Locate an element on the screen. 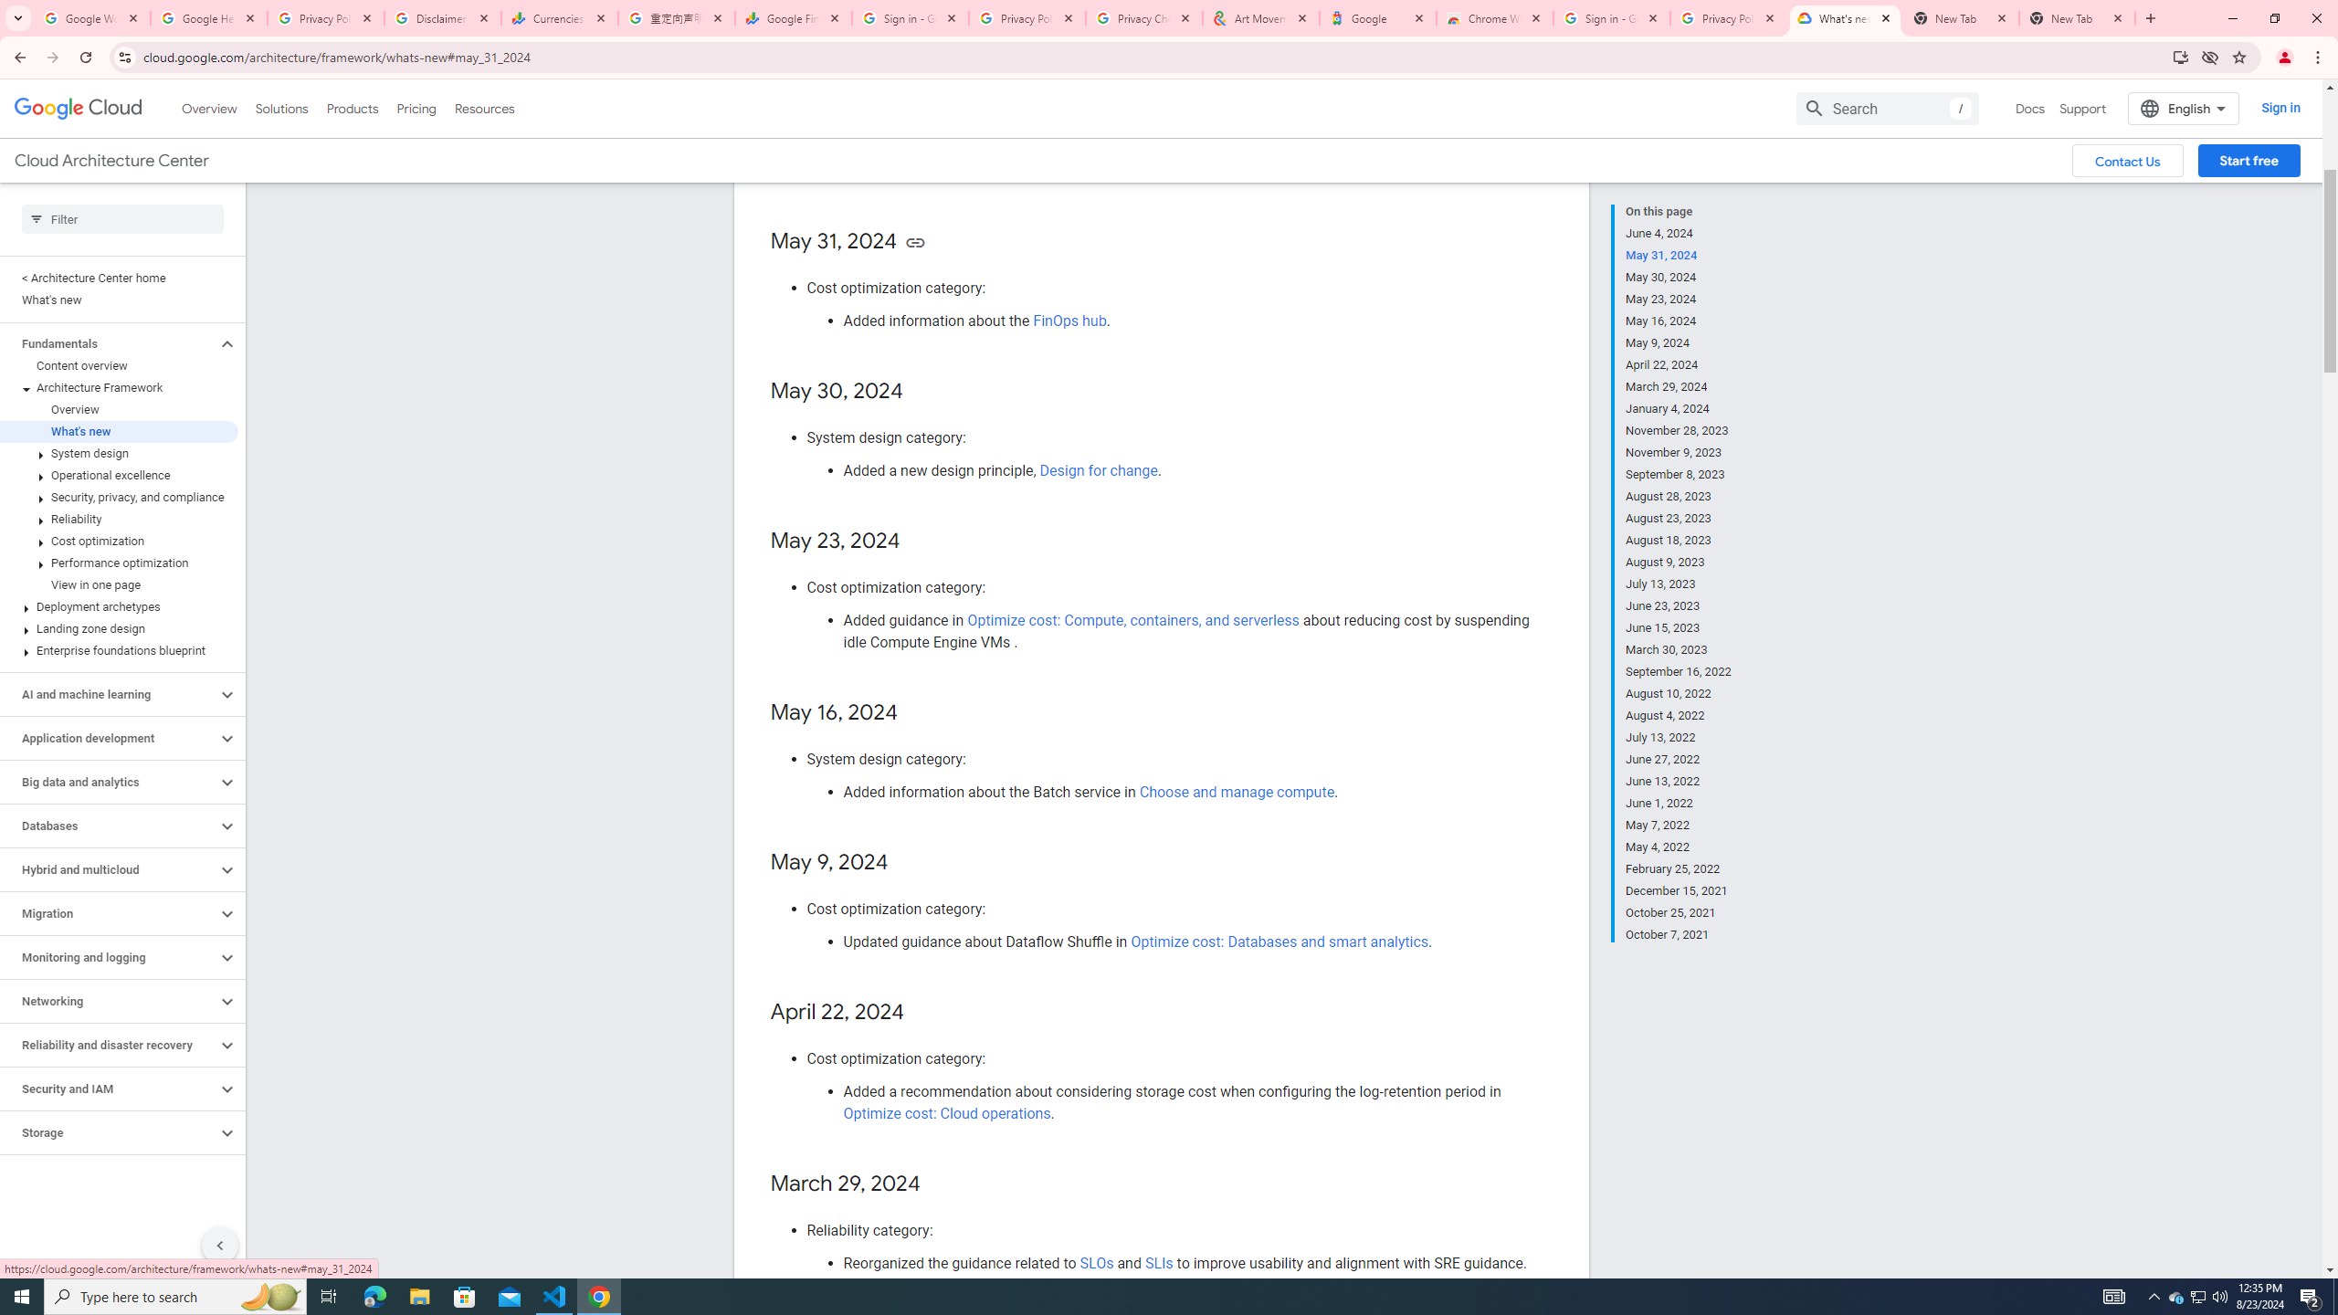  'System design' is located at coordinates (119, 452).